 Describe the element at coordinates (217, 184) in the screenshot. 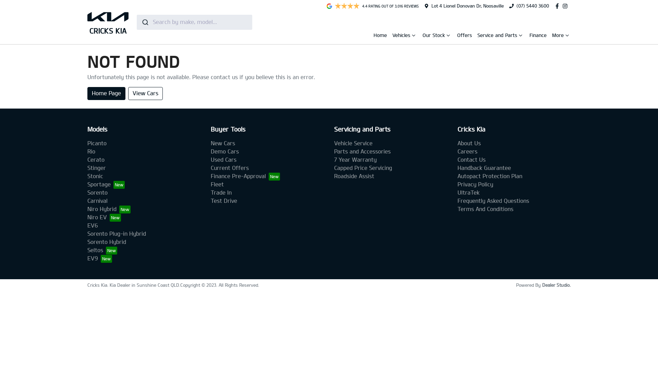

I see `'Fleet'` at that location.